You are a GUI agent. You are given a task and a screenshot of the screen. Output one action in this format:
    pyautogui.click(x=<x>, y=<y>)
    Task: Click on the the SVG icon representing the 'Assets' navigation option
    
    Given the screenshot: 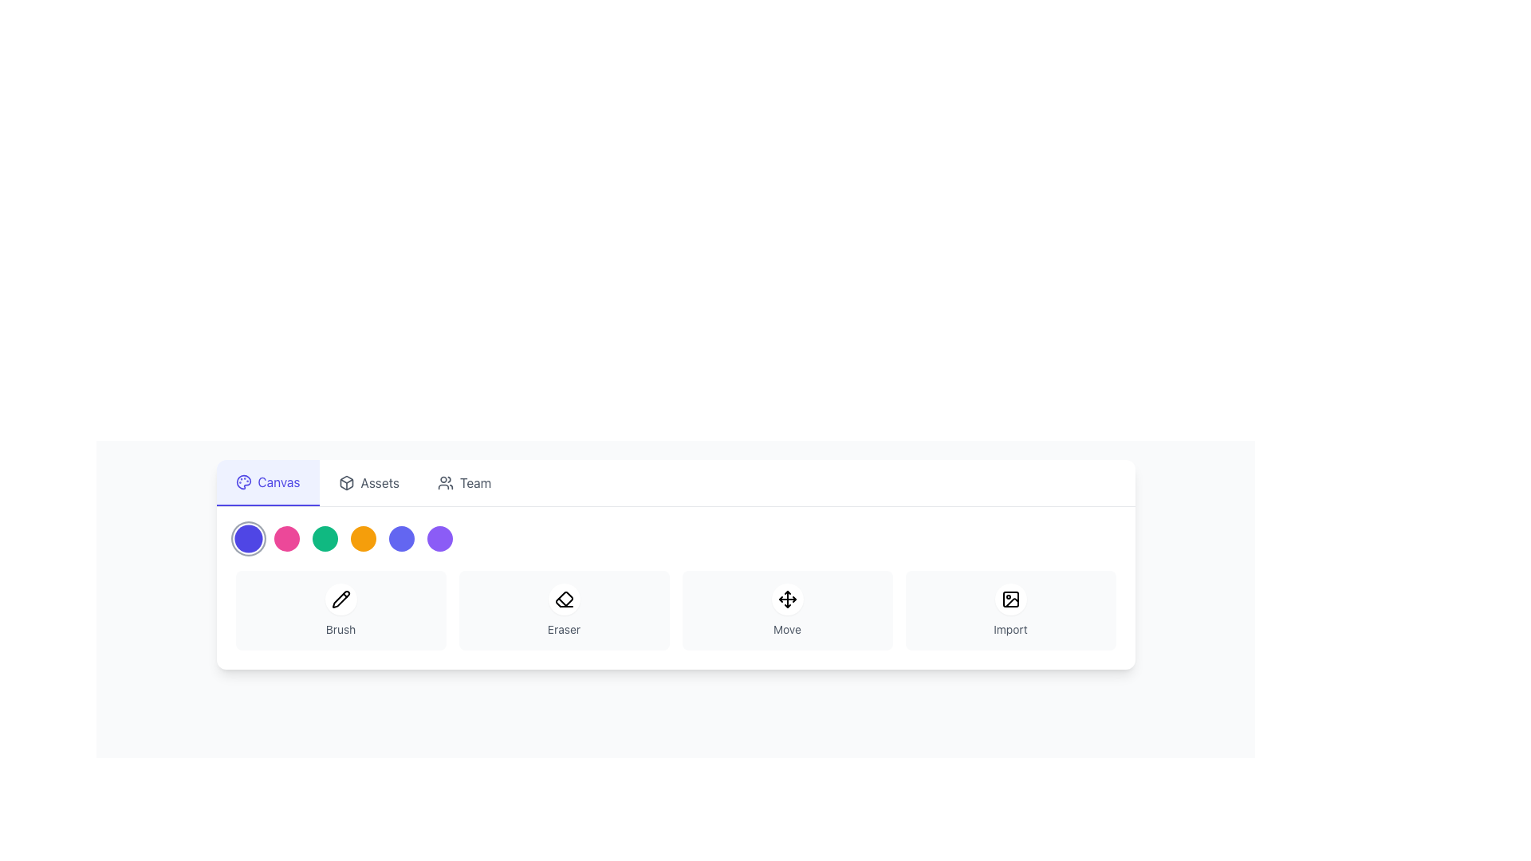 What is the action you would take?
    pyautogui.click(x=345, y=482)
    